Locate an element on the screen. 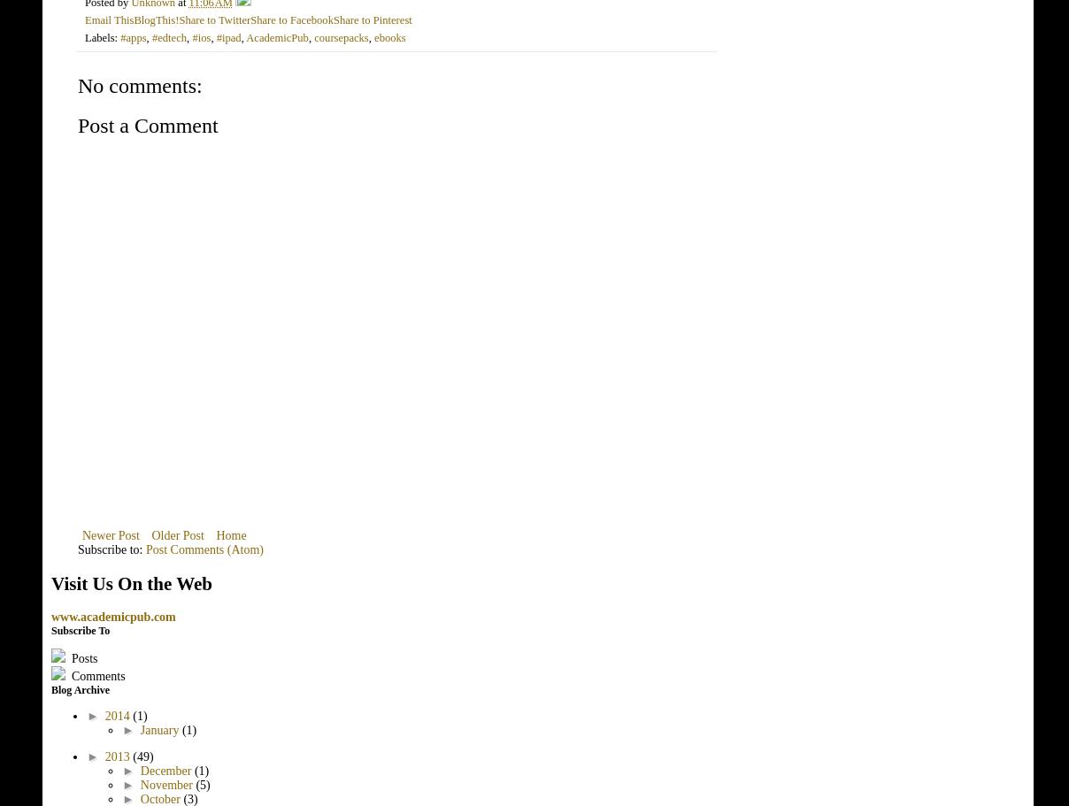 The width and height of the screenshot is (1069, 806). 'Email This' is located at coordinates (108, 19).